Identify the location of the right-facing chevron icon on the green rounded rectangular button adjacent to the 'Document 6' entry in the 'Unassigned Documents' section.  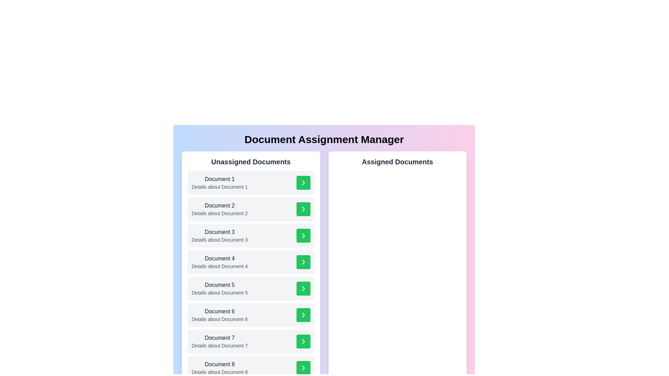
(303, 315).